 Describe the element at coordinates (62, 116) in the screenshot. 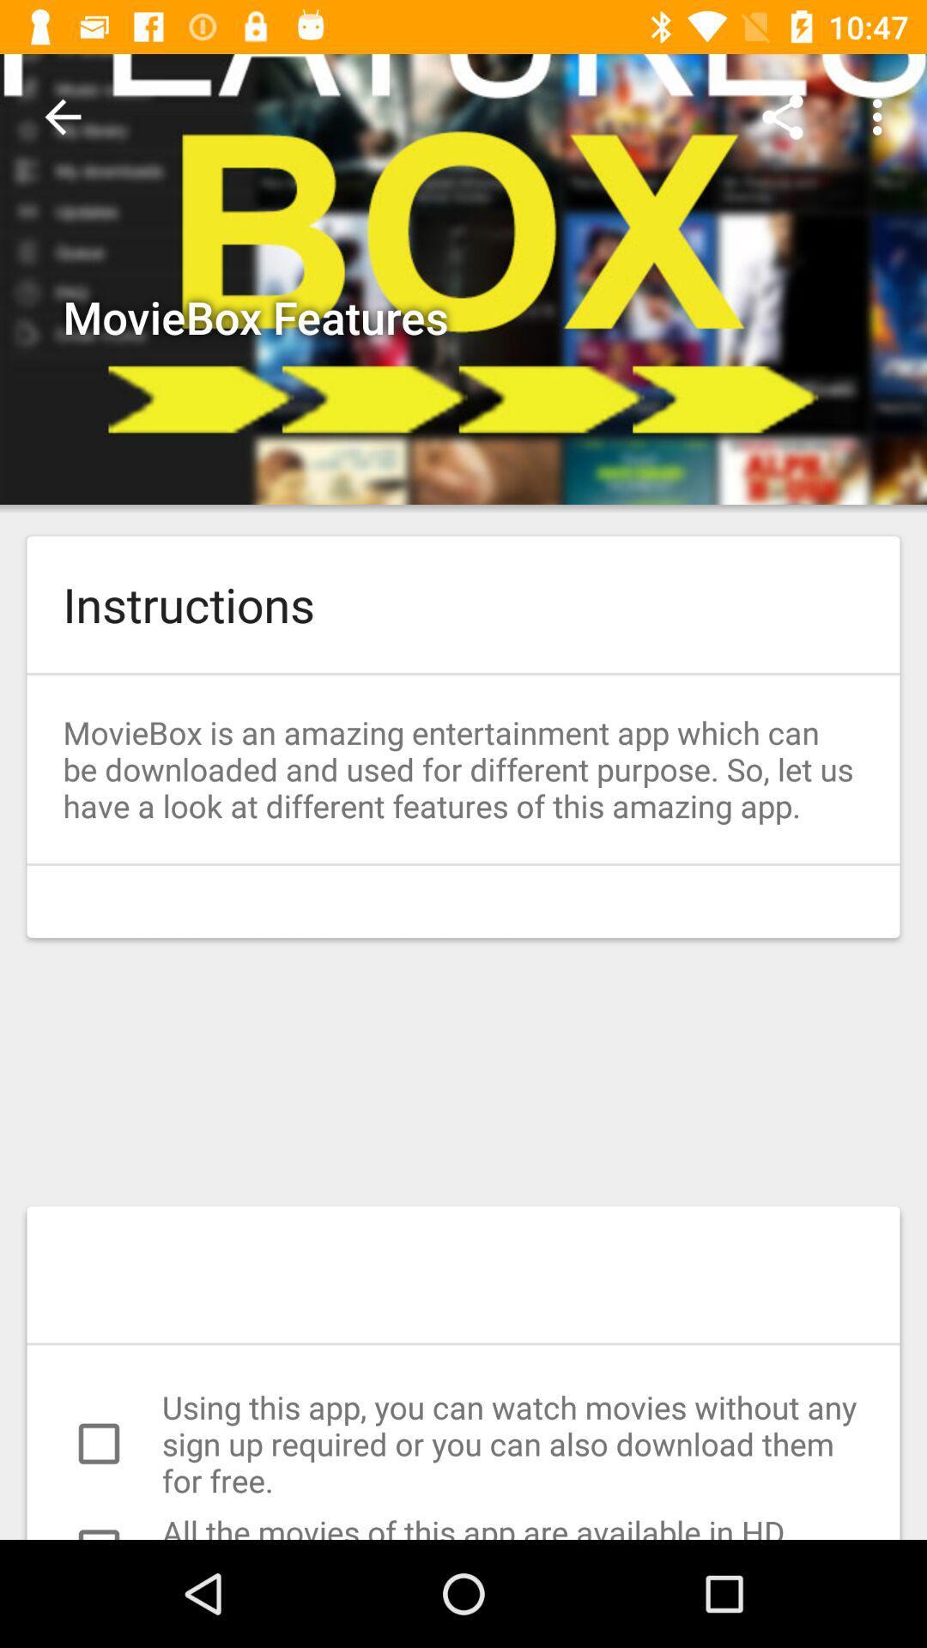

I see `the item above moviebox features` at that location.